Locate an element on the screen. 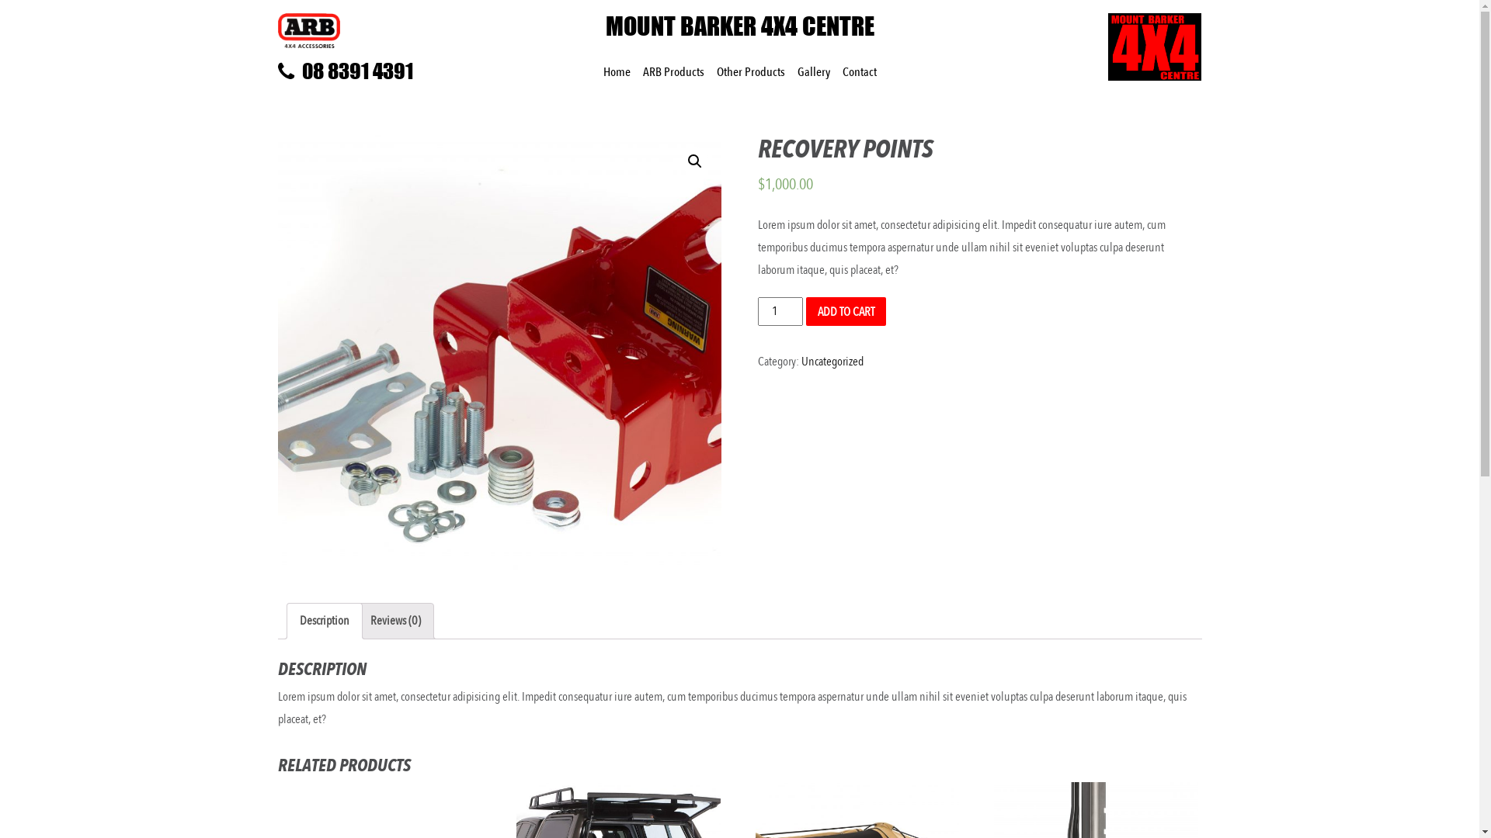 The height and width of the screenshot is (838, 1491). '08 8391 4391' is located at coordinates (384, 71).